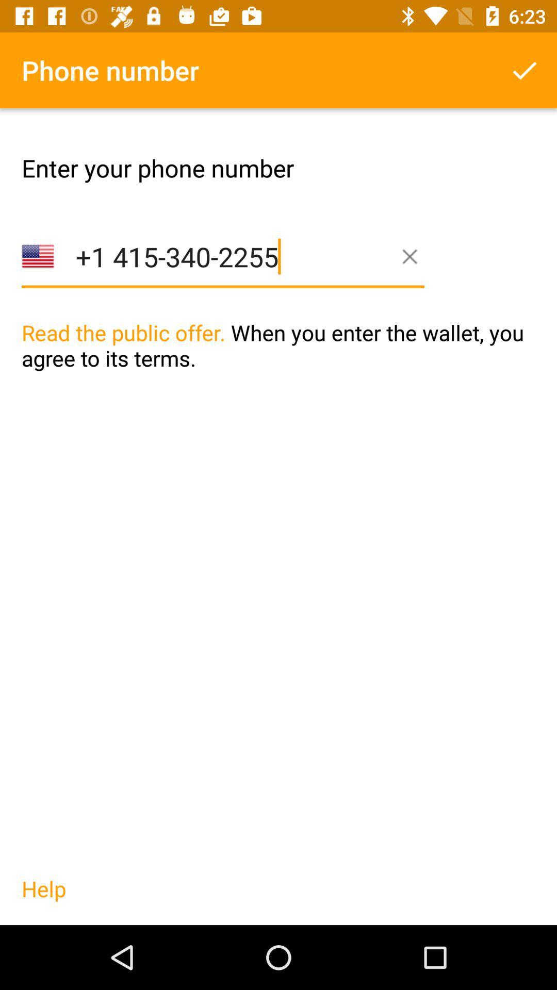 The width and height of the screenshot is (557, 990). Describe the element at coordinates (43, 899) in the screenshot. I see `help at the bottom left corner` at that location.